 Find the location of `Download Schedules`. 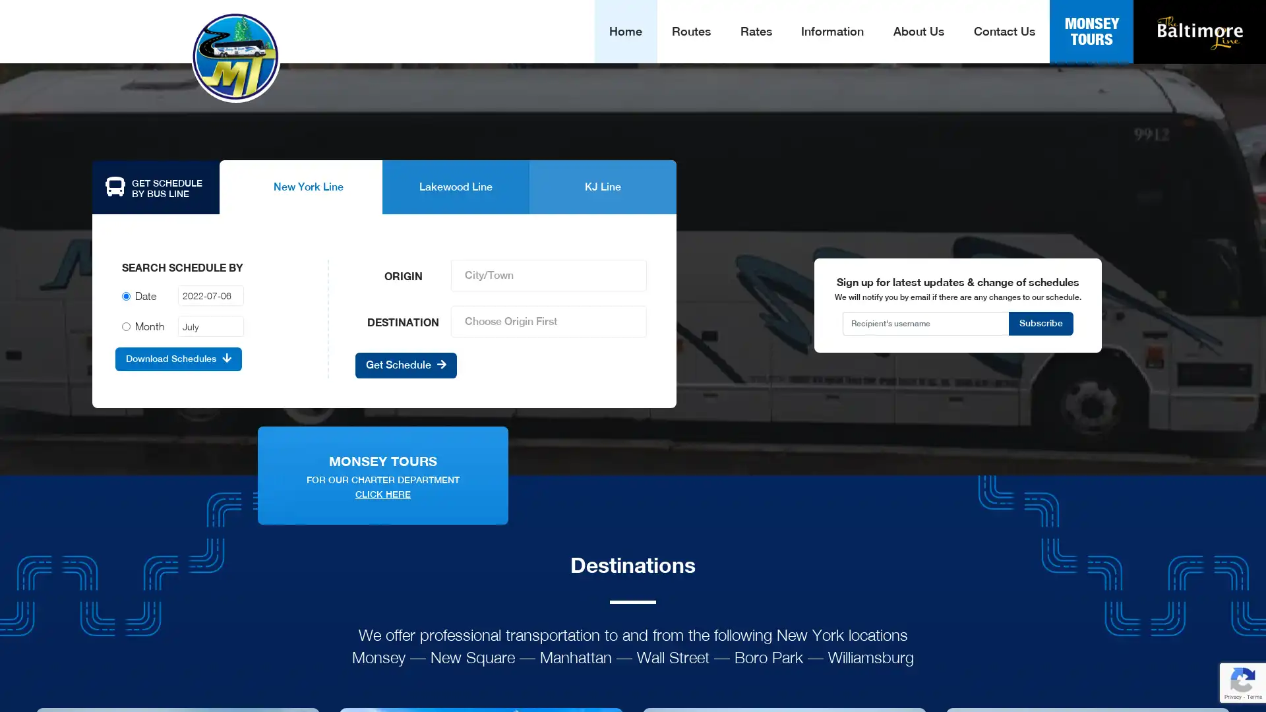

Download Schedules is located at coordinates (177, 358).